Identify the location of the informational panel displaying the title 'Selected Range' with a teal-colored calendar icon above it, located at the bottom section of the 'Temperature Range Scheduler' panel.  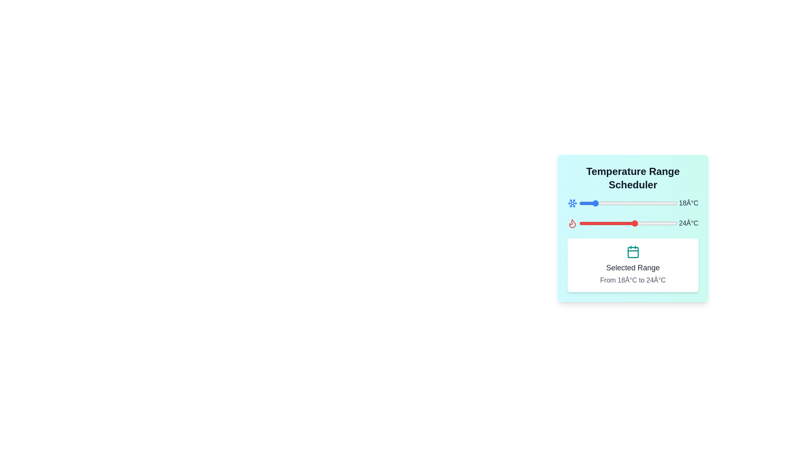
(633, 265).